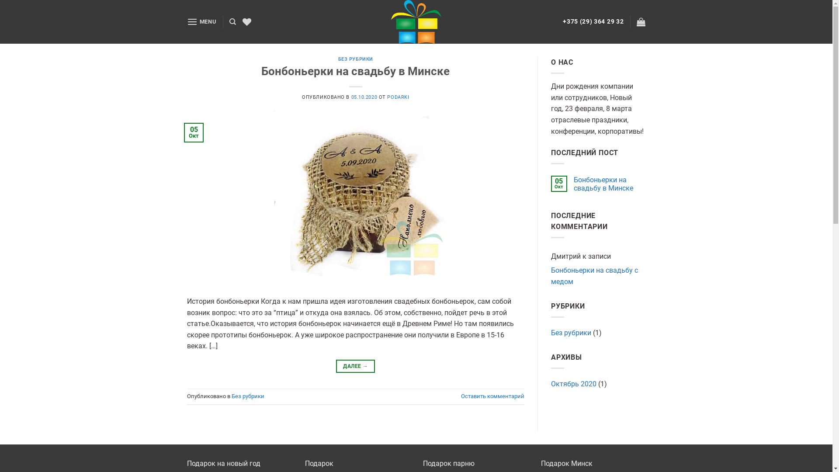  What do you see at coordinates (398, 97) in the screenshot?
I see `'PODARKI'` at bounding box center [398, 97].